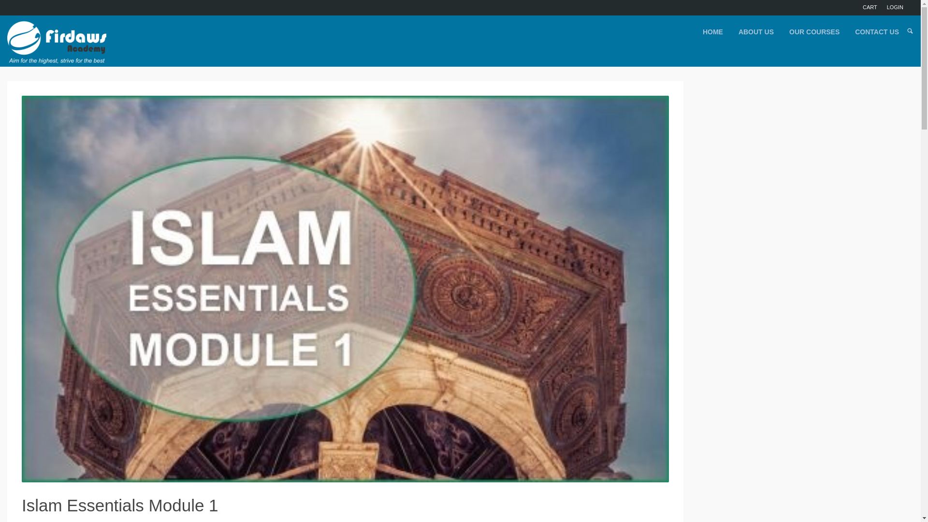  Describe the element at coordinates (700, 31) in the screenshot. I see `'HOME'` at that location.